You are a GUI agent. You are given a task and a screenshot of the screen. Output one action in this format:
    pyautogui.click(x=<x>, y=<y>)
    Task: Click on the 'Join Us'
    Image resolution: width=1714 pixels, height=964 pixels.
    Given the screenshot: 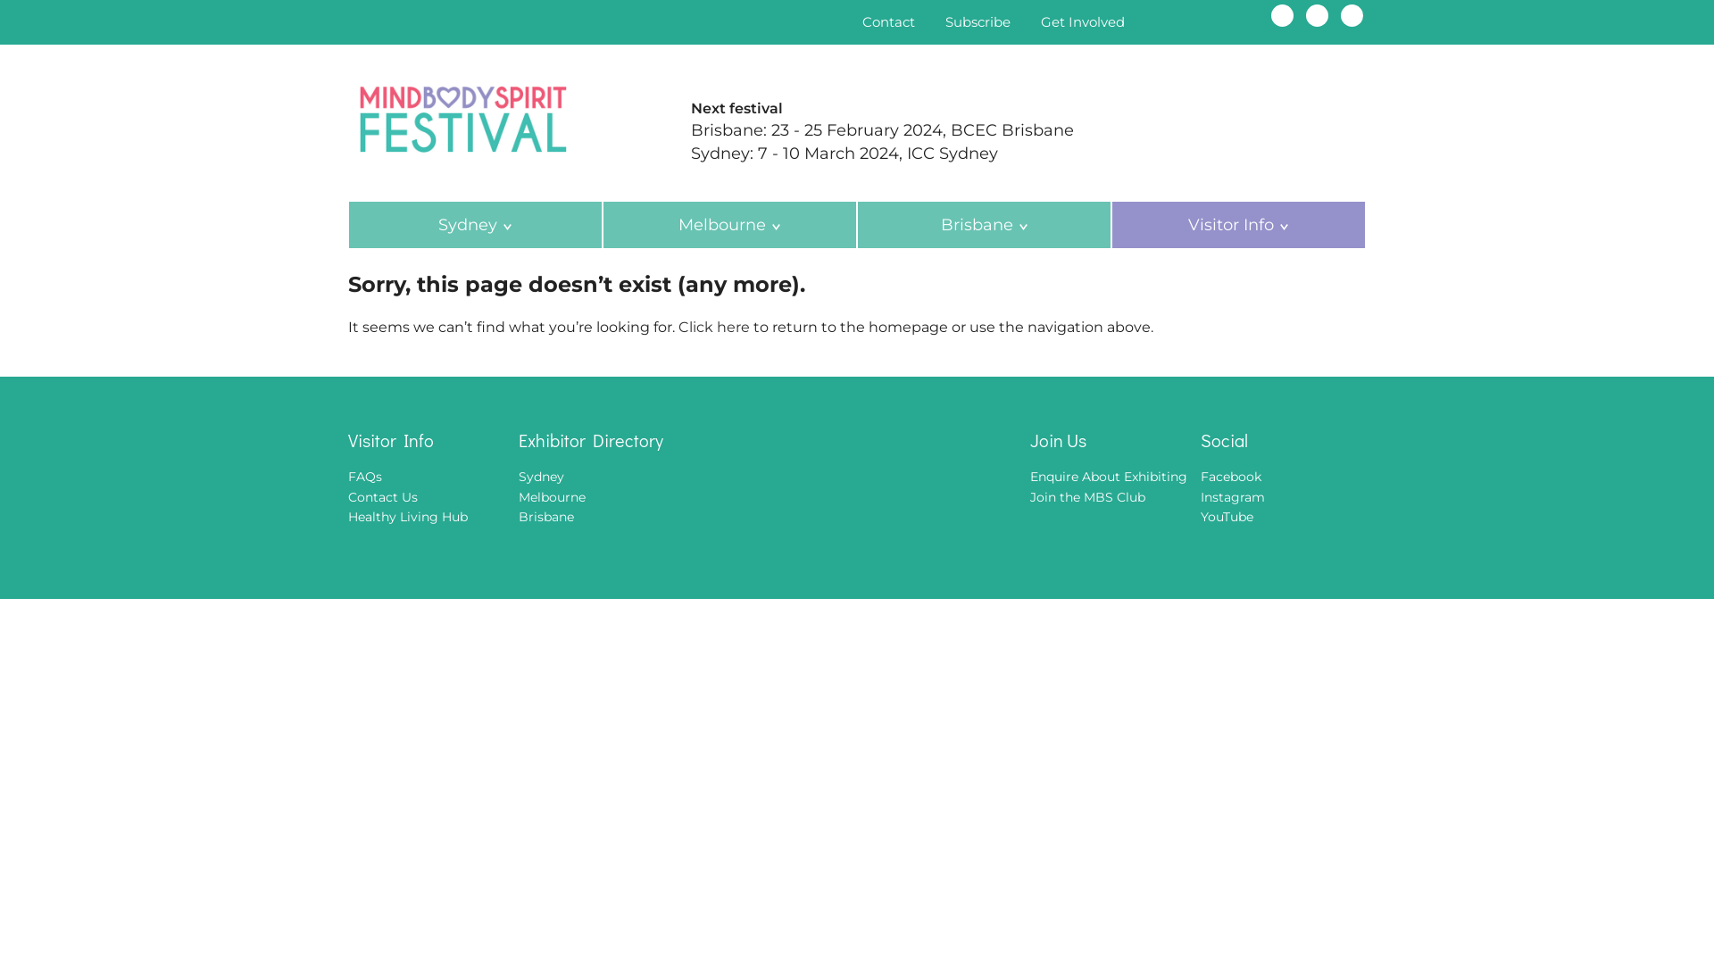 What is the action you would take?
    pyautogui.click(x=1111, y=440)
    